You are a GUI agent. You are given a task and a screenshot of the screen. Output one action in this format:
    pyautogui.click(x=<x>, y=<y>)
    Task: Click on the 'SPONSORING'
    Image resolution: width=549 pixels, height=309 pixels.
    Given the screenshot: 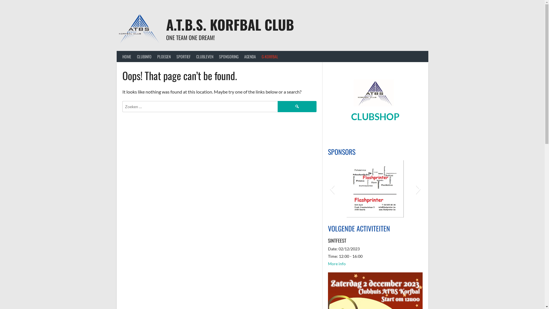 What is the action you would take?
    pyautogui.click(x=229, y=56)
    